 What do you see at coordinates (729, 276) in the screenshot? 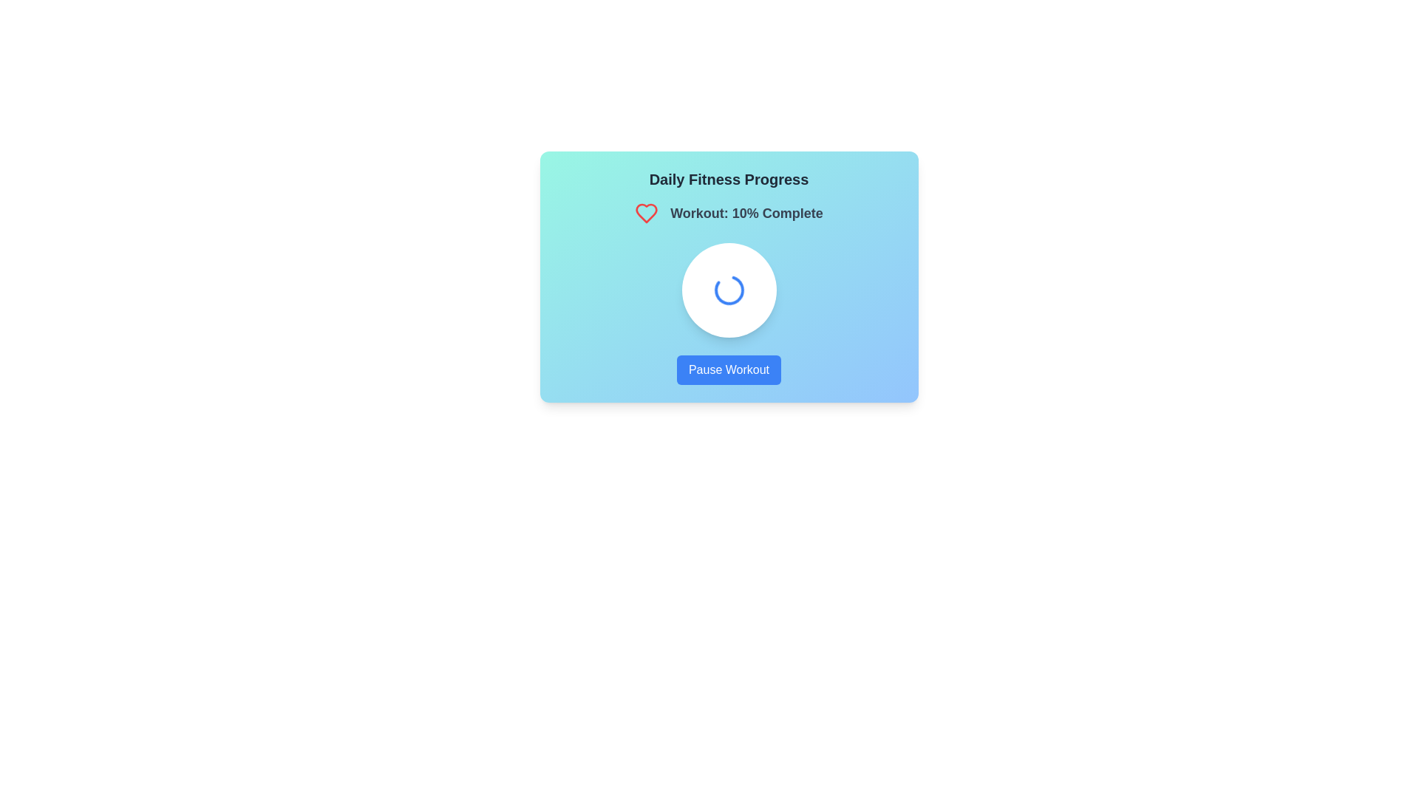
I see `the fitness progress summary card` at bounding box center [729, 276].